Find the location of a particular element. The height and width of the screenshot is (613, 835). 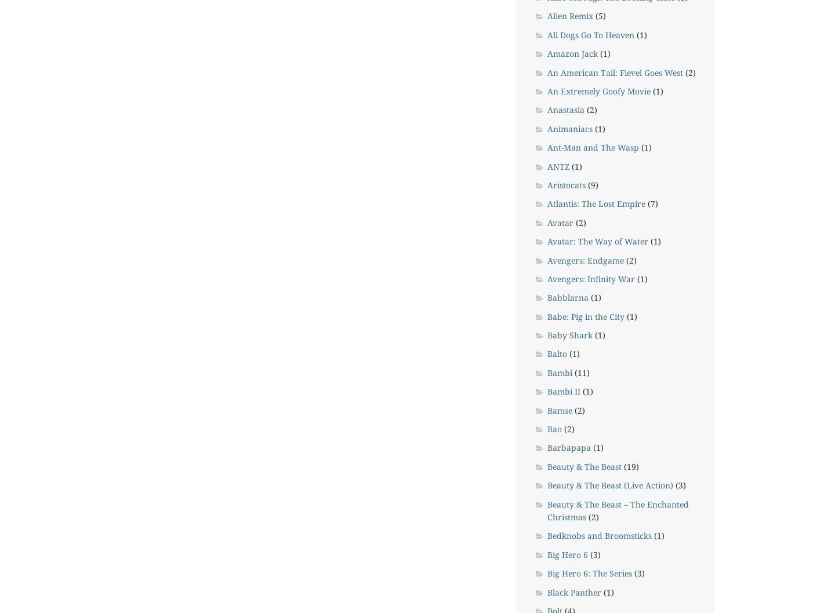

'Amazon Jack' is located at coordinates (571, 53).